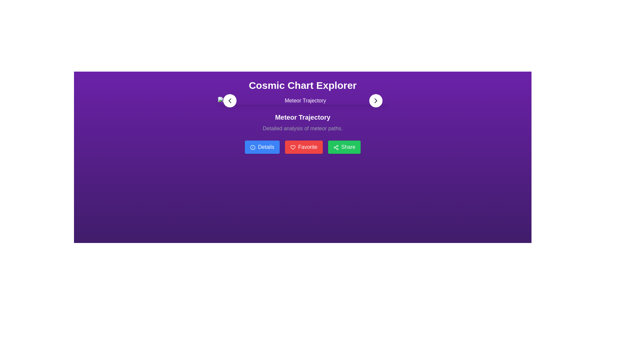 The image size is (637, 358). Describe the element at coordinates (230, 101) in the screenshot. I see `the leftward-pointing chevron icon` at that location.